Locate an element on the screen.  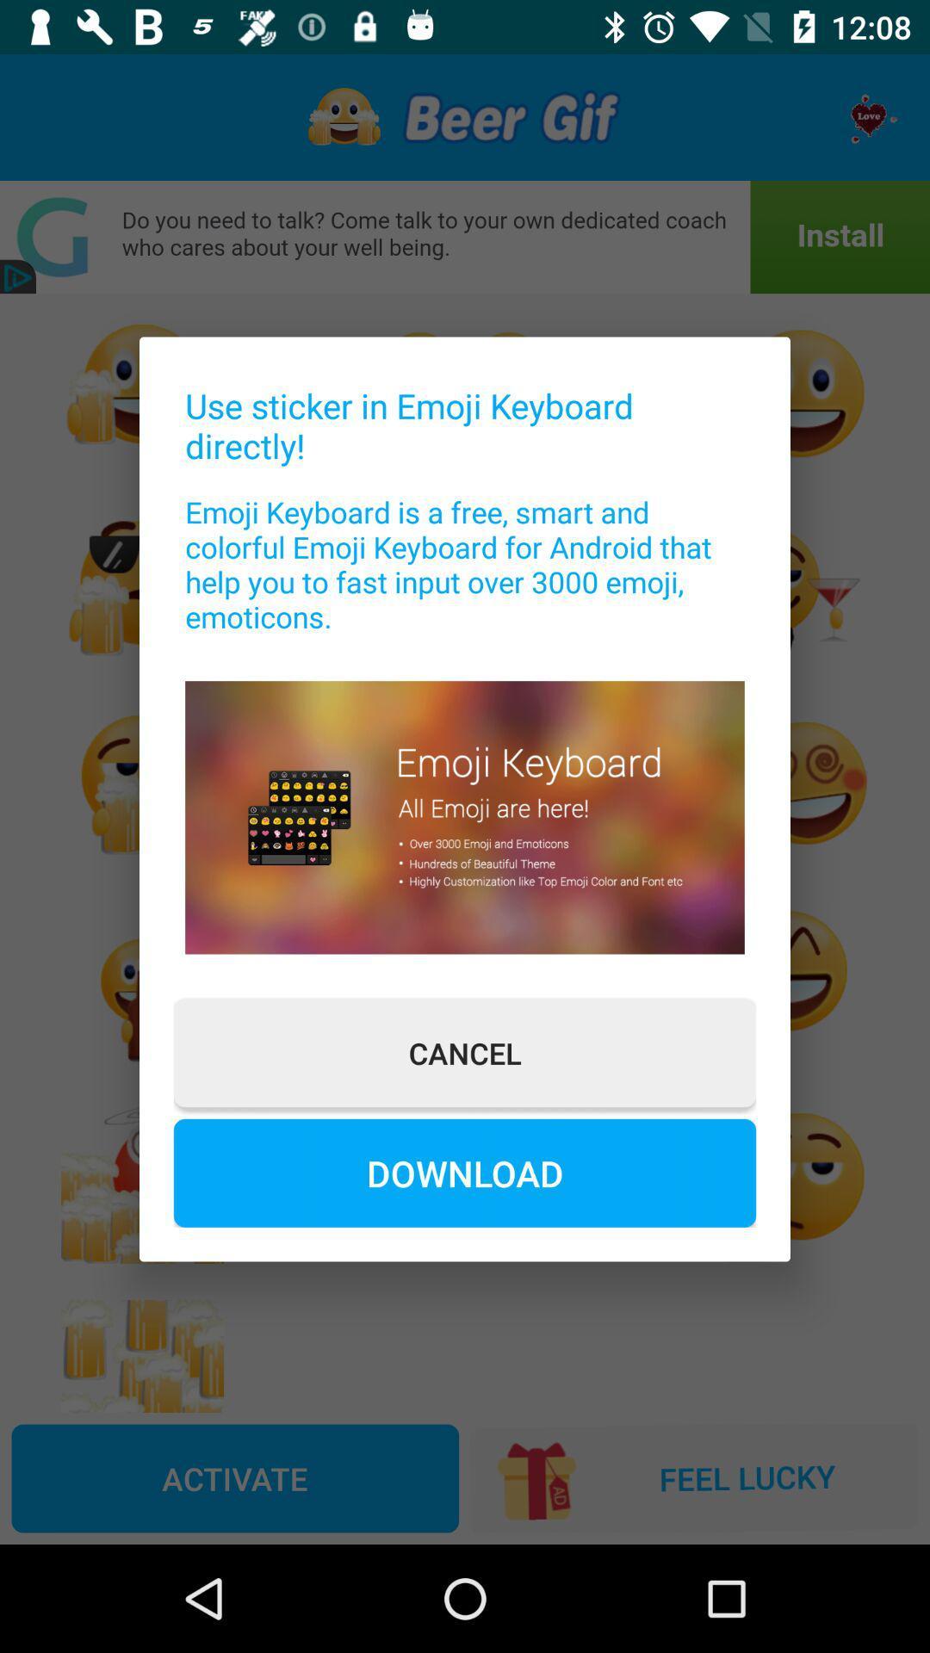
cancel icon is located at coordinates (465, 1052).